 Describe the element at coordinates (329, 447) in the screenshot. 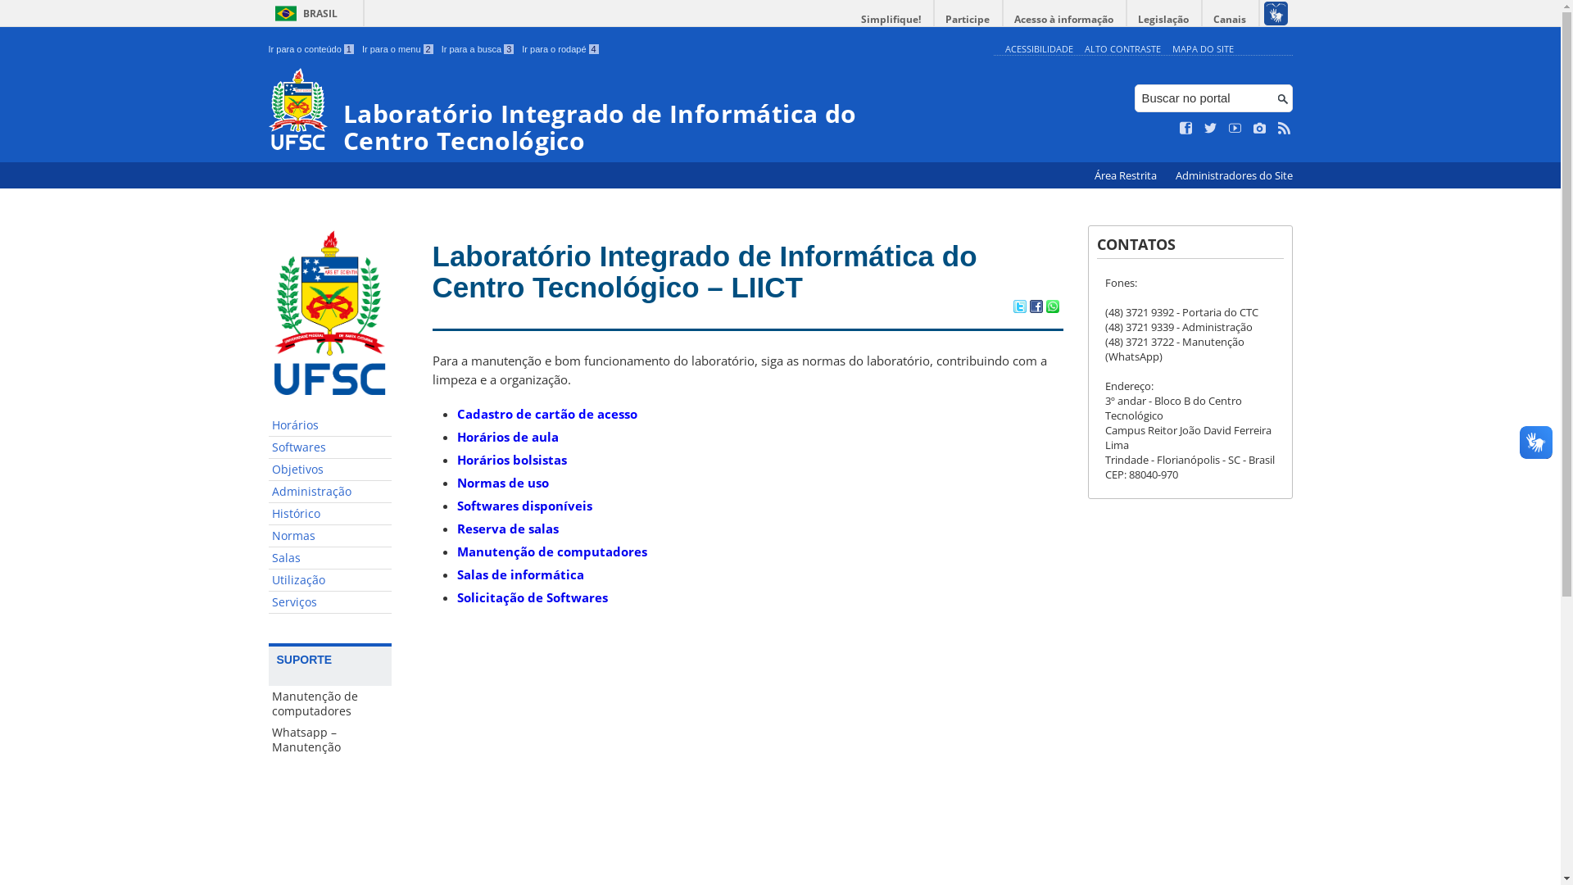

I see `'Softwares'` at that location.